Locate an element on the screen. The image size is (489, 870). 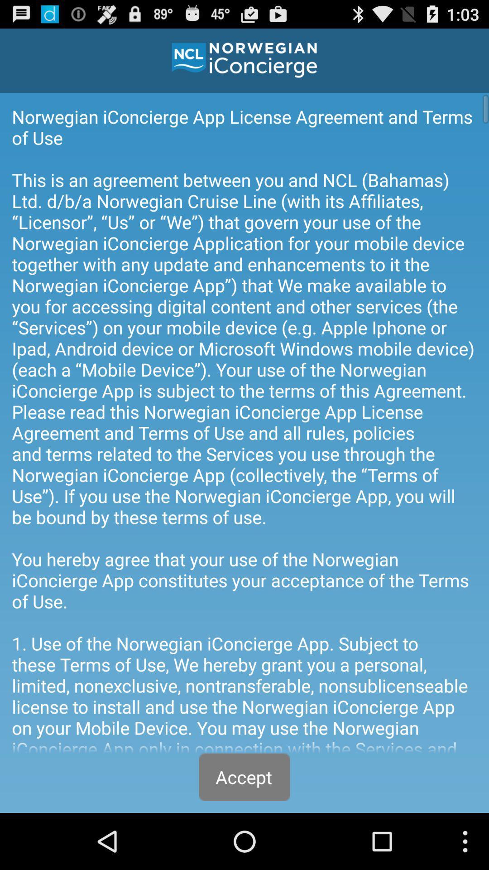
accept at the bottom is located at coordinates (244, 777).